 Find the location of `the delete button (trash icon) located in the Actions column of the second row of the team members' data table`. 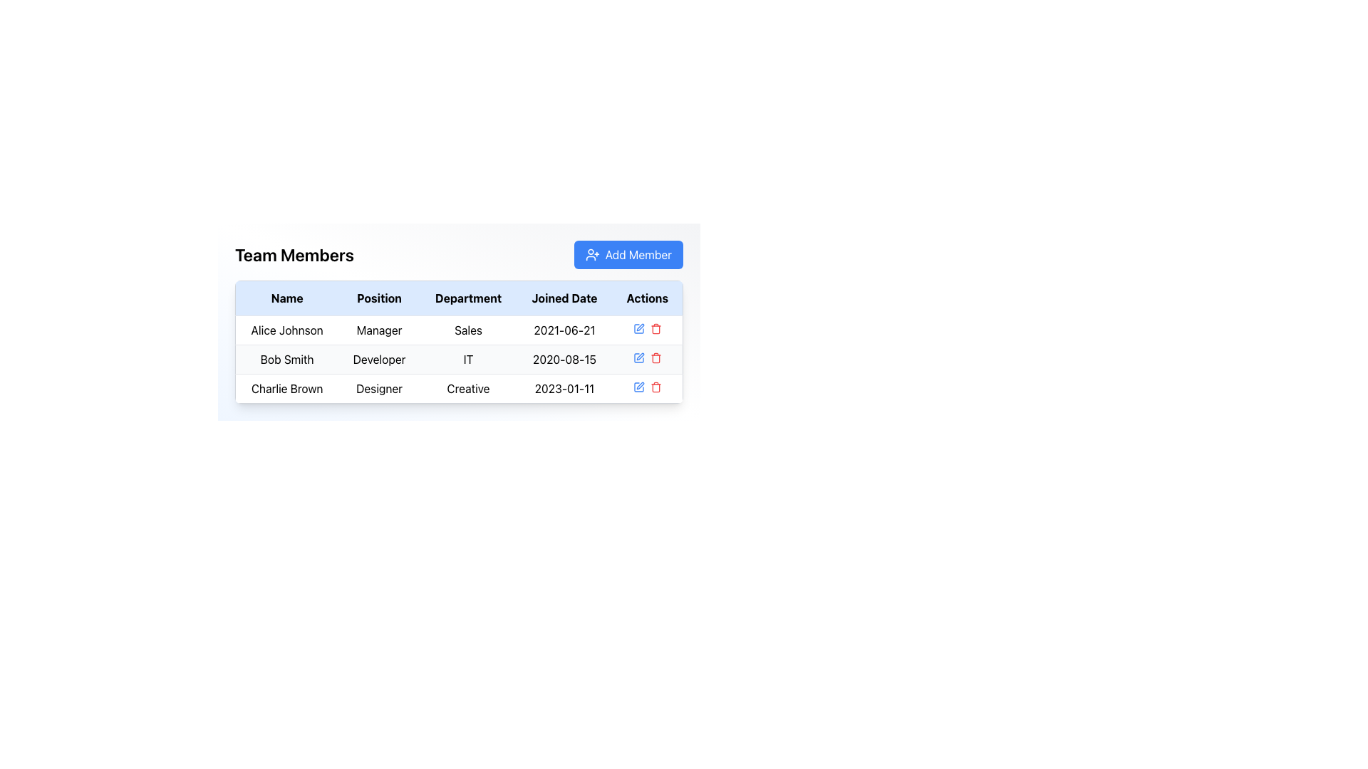

the delete button (trash icon) located in the Actions column of the second row of the team members' data table is located at coordinates (655, 357).